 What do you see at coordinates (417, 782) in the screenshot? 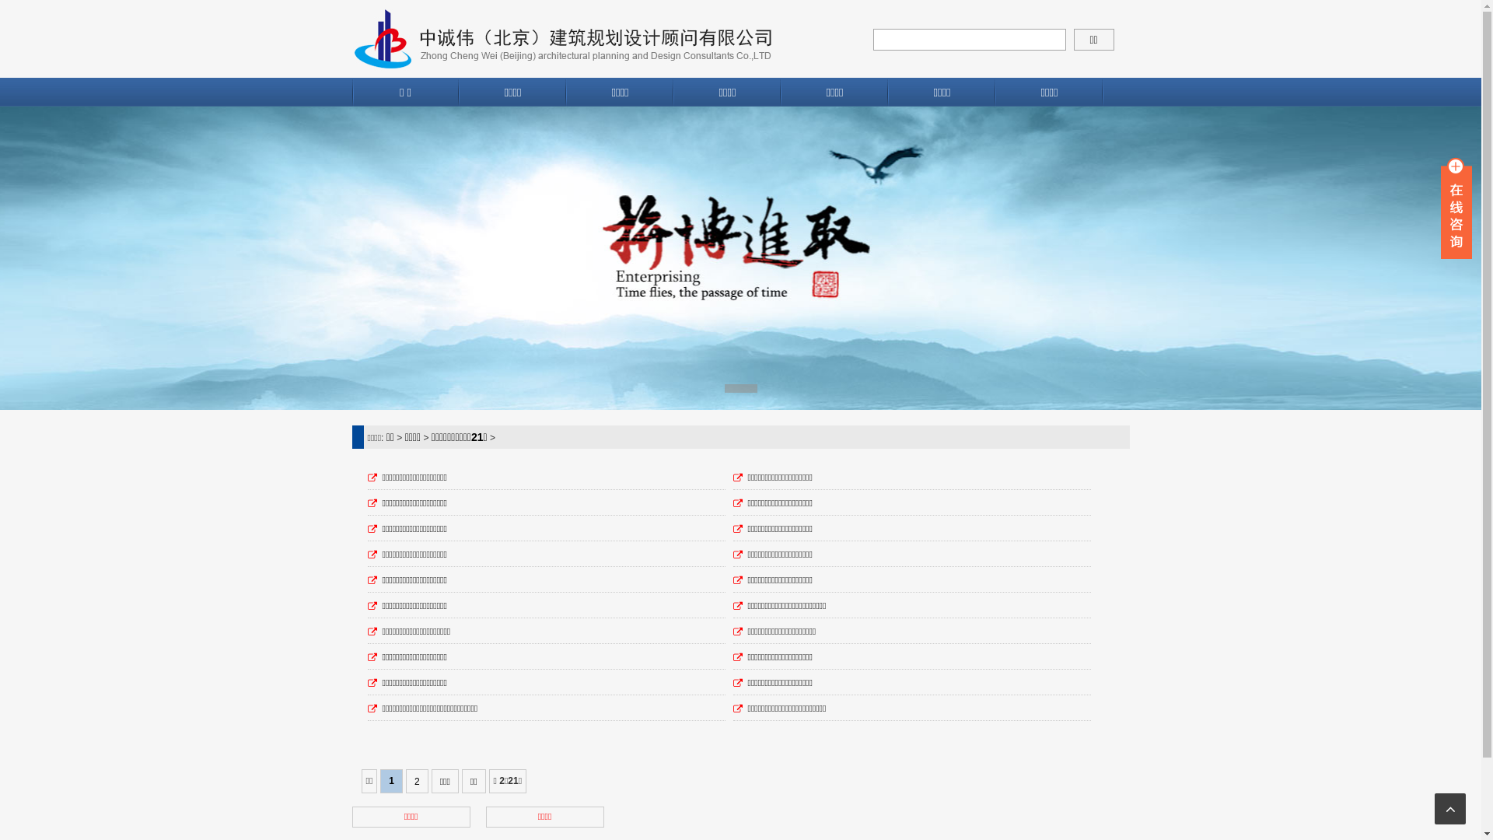
I see `'2'` at bounding box center [417, 782].